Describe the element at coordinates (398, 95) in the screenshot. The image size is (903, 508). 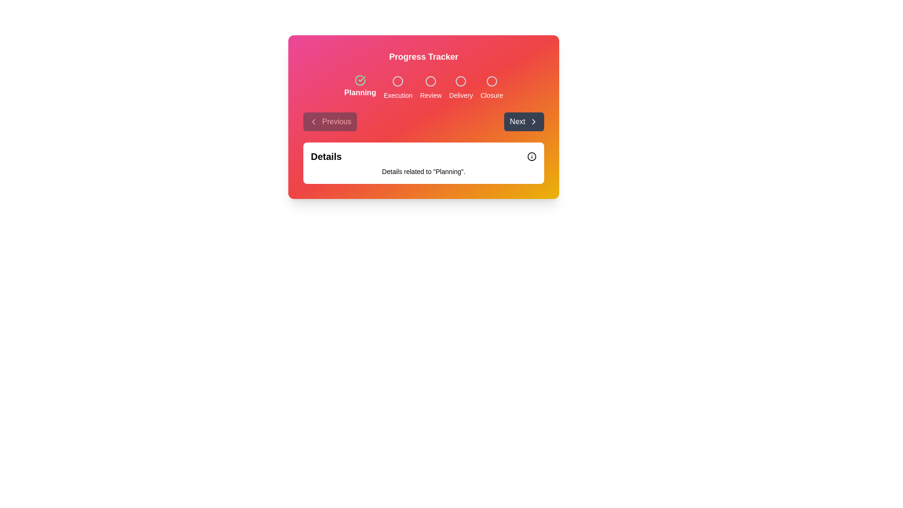
I see `text from the Text Label that displays 'Execution', which is the second item in the milestone indicators series` at that location.